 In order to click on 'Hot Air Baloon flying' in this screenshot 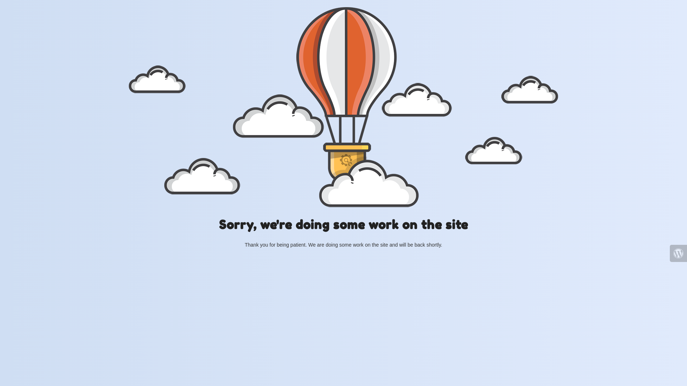, I will do `click(343, 107)`.